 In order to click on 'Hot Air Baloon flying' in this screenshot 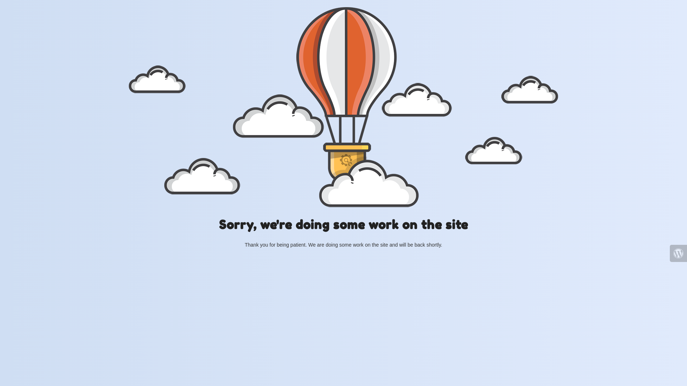, I will do `click(343, 107)`.